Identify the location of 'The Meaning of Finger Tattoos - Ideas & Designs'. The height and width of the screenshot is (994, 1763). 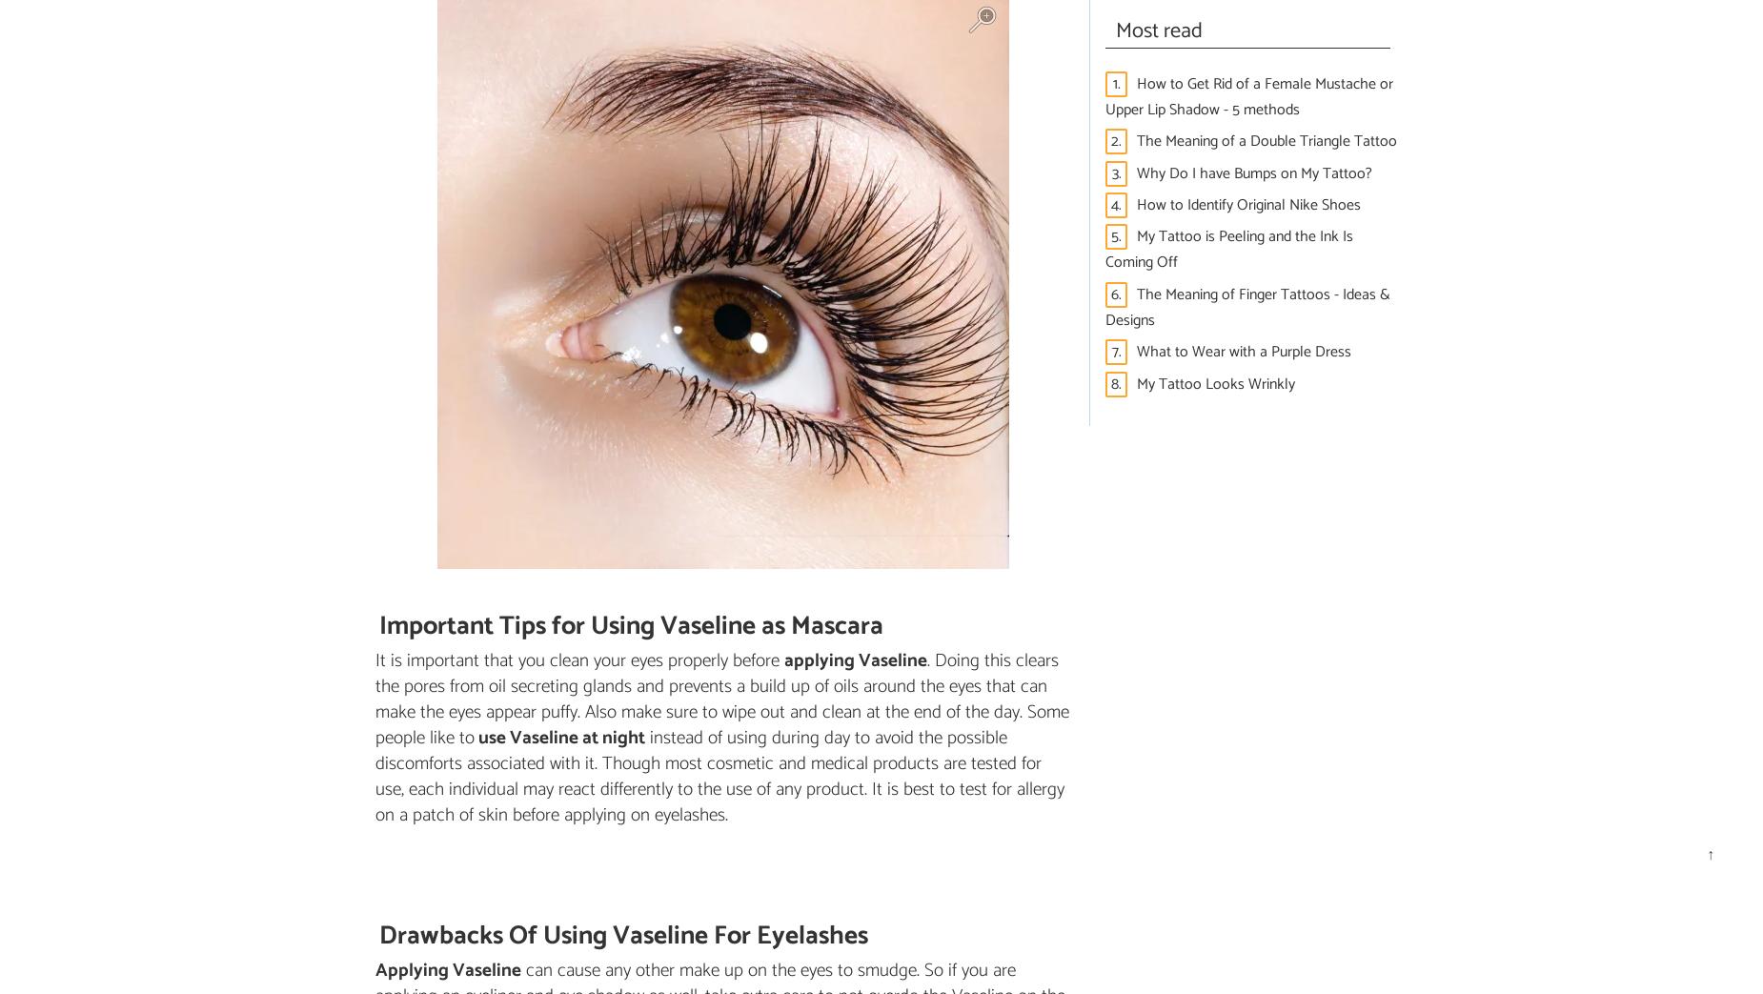
(1246, 305).